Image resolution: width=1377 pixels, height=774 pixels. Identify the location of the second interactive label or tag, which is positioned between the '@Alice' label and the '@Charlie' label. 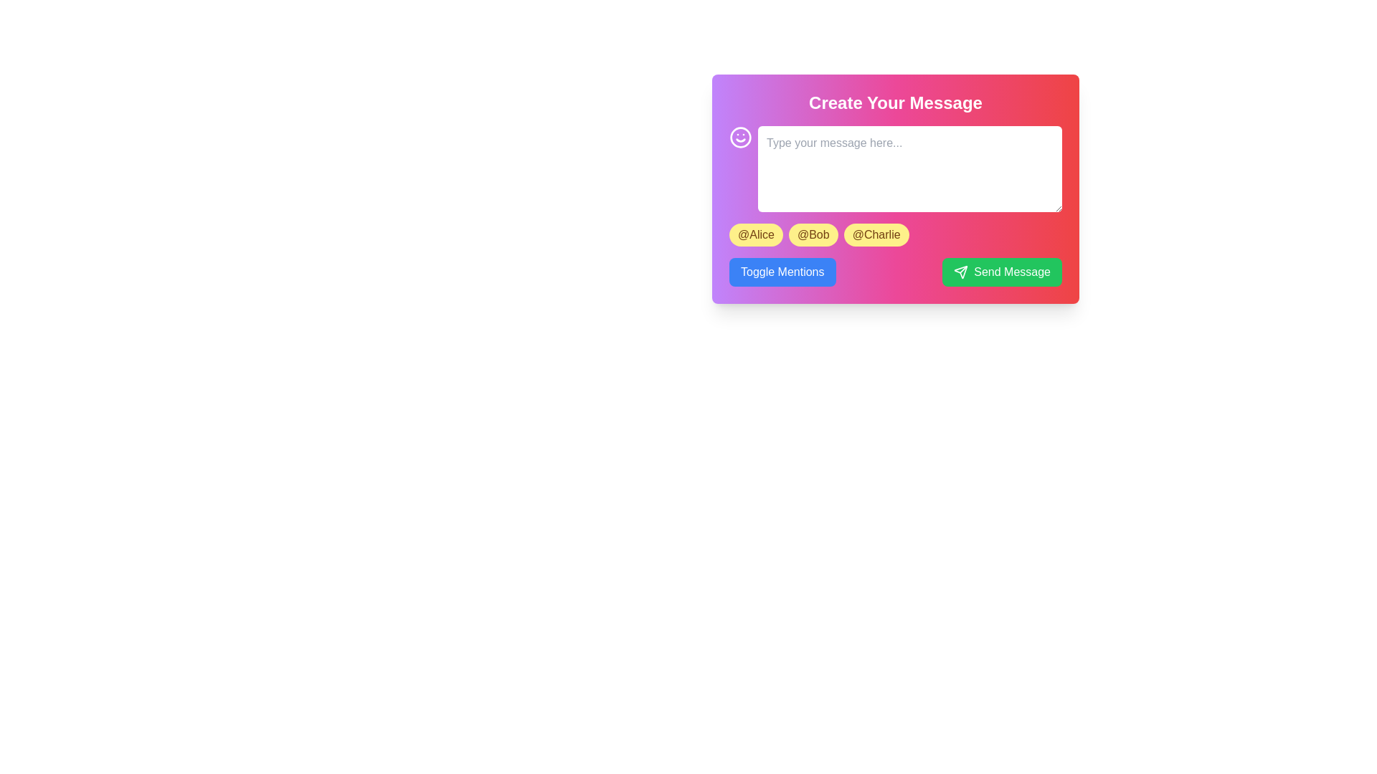
(813, 234).